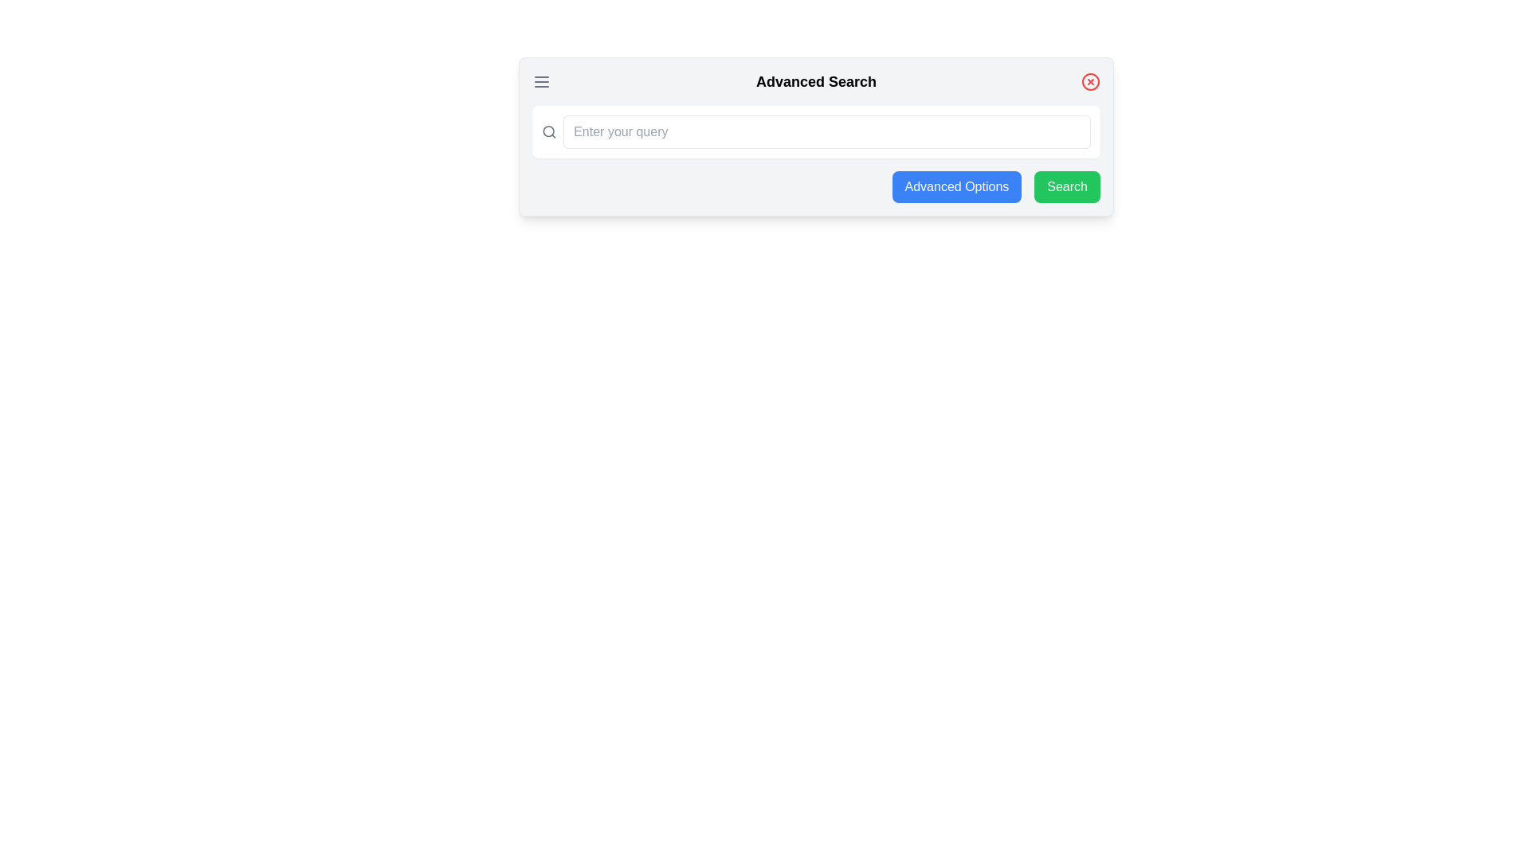 The width and height of the screenshot is (1530, 860). Describe the element at coordinates (956, 186) in the screenshot. I see `the 'Advanced Options' button, which is a rectangular button with a blue background and white text, located to the left of the green 'Search' button in the lower right section of the interface` at that location.